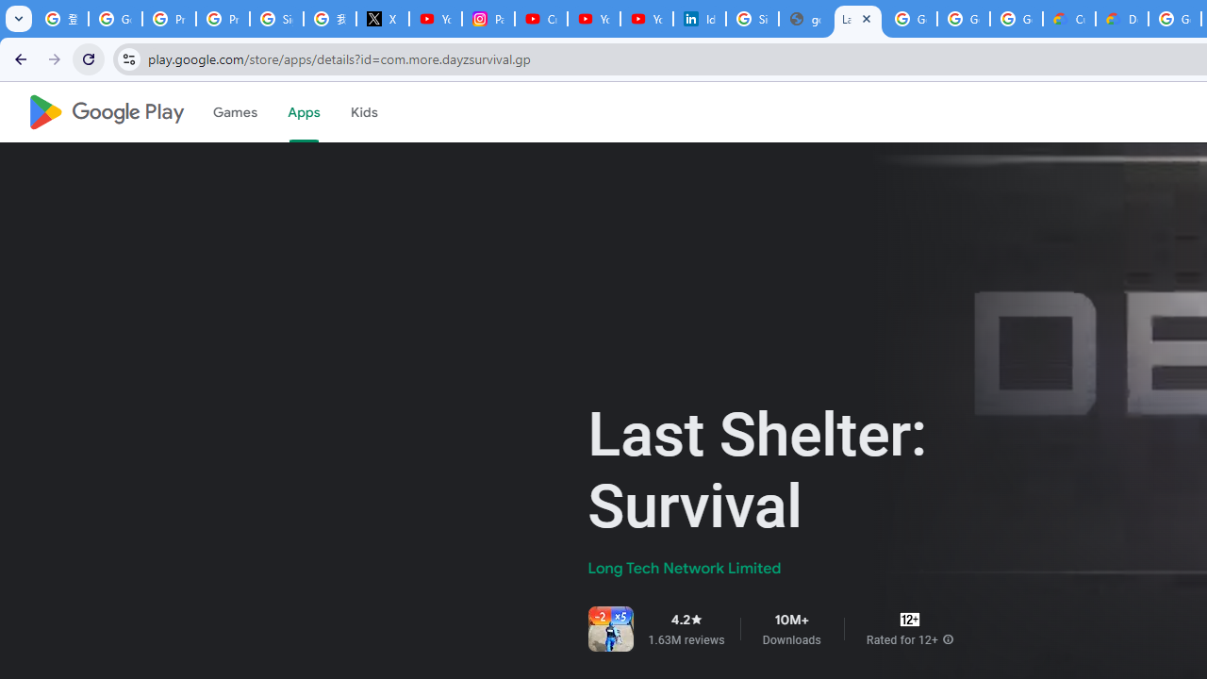 The width and height of the screenshot is (1207, 679). Describe the element at coordinates (381, 19) in the screenshot. I see `'X'` at that location.